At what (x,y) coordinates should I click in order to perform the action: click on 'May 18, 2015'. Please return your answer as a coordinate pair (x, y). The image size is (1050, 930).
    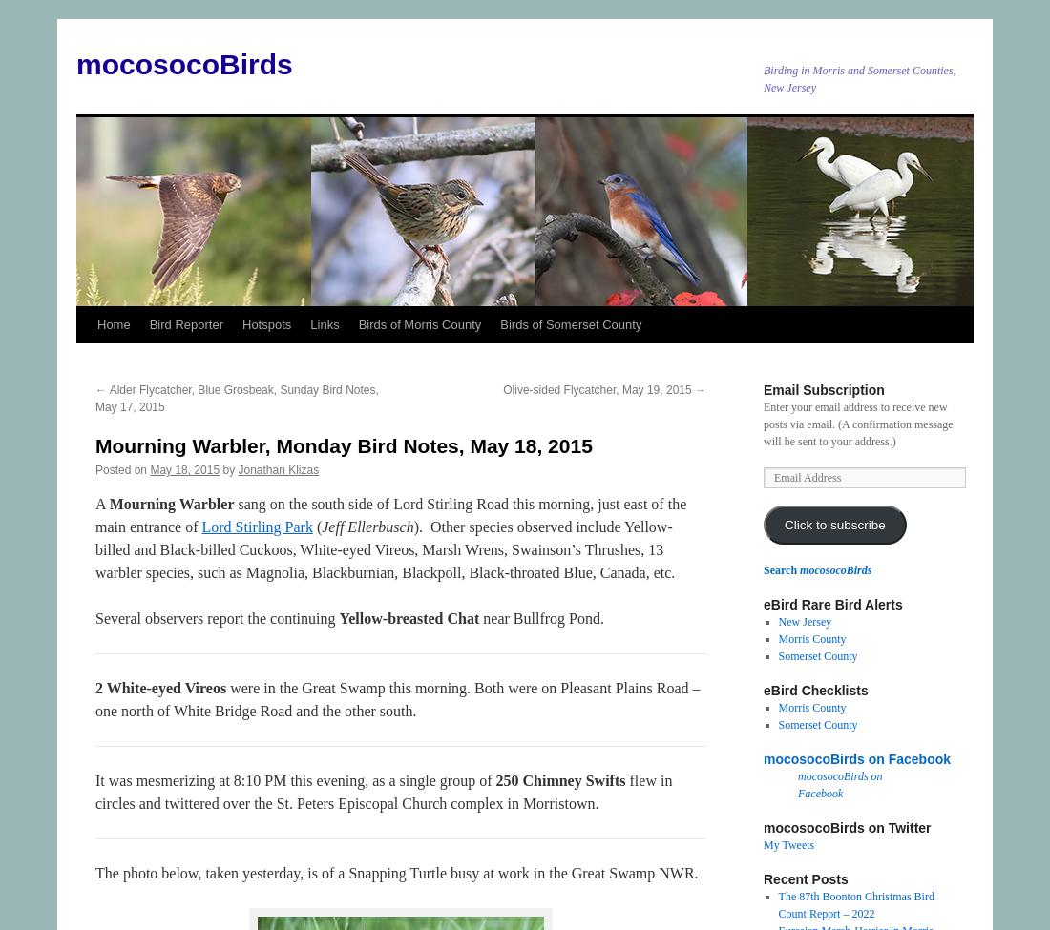
    Looking at the image, I should click on (183, 468).